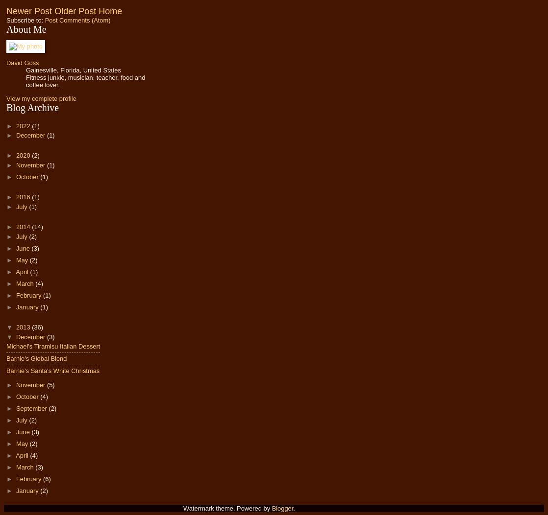  What do you see at coordinates (110, 11) in the screenshot?
I see `'Home'` at bounding box center [110, 11].